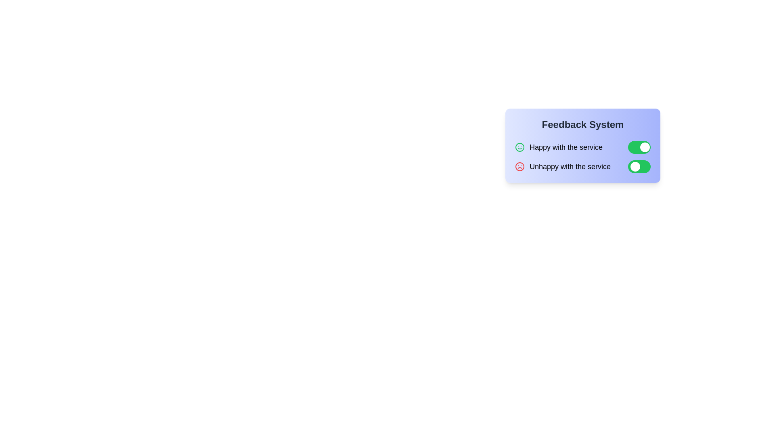 The height and width of the screenshot is (436, 775). I want to click on text of the feedback option labeled 'Happy with the service', which is the first option in the feedback panel, accompanied by a green smiling face icon, so click(558, 147).